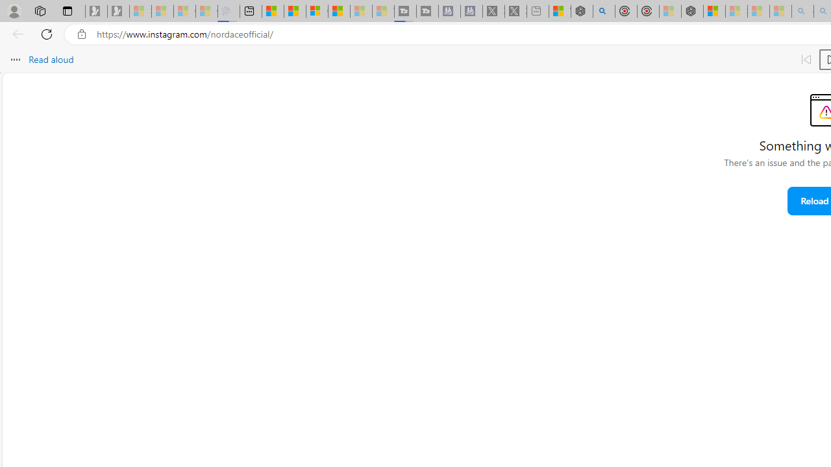  What do you see at coordinates (118, 11) in the screenshot?
I see `'Newsletter Sign Up - Sleeping'` at bounding box center [118, 11].